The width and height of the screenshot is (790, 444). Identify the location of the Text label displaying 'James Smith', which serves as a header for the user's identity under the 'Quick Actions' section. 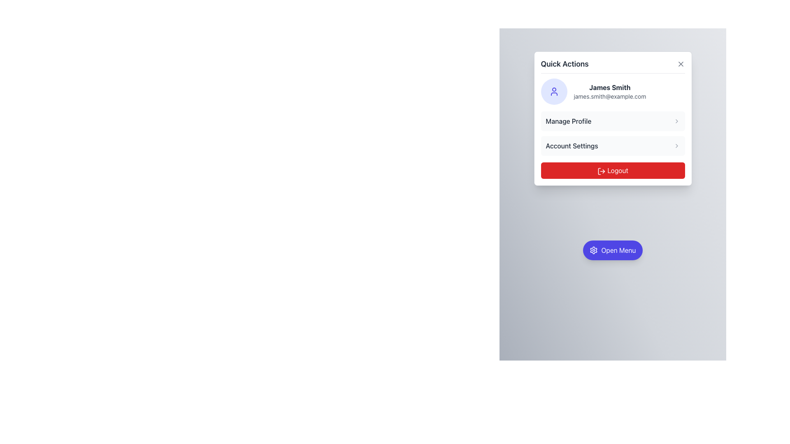
(610, 87).